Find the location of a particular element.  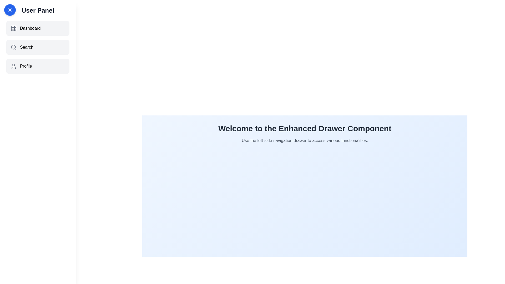

the Decorative SVG Circle, which is part of the search icon located in the sidebar menu near the 'Search' label is located at coordinates (13, 47).